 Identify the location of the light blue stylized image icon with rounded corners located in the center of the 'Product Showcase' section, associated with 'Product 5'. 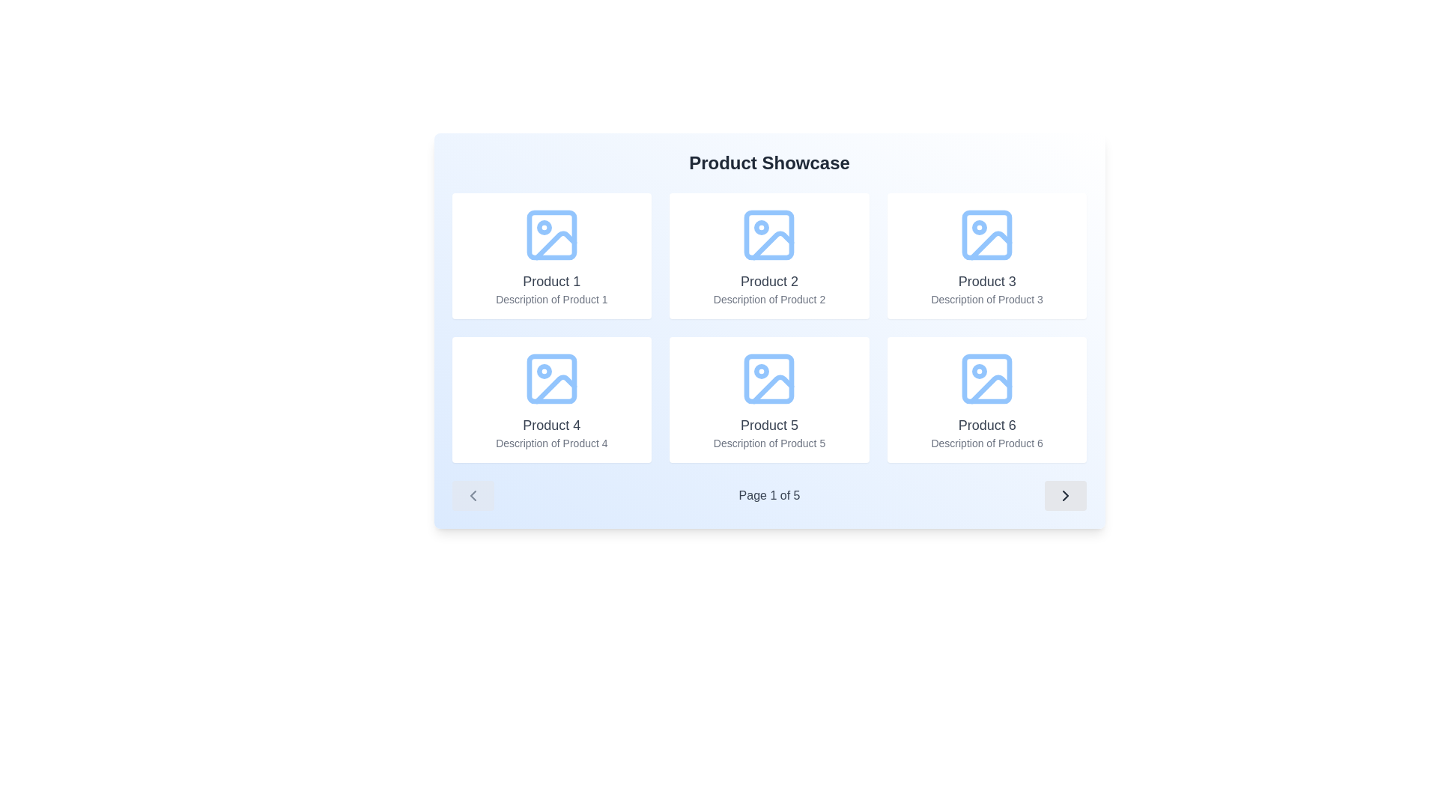
(769, 378).